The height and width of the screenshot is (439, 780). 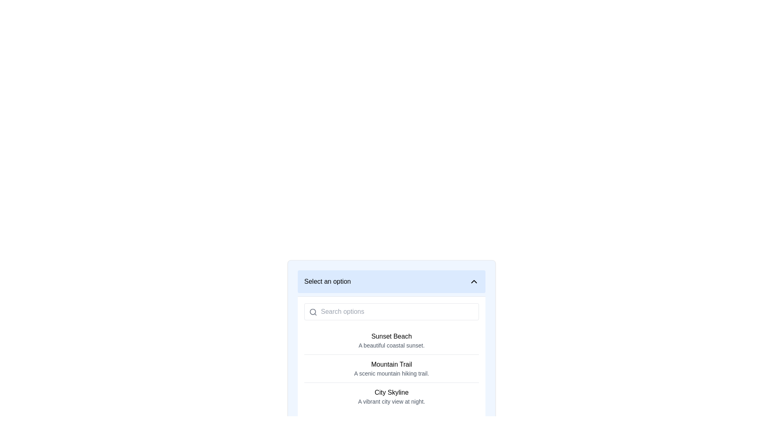 I want to click on to select the list item titled 'Mountain Trail', which is the second entry in a vertical list of three items, so click(x=392, y=368).